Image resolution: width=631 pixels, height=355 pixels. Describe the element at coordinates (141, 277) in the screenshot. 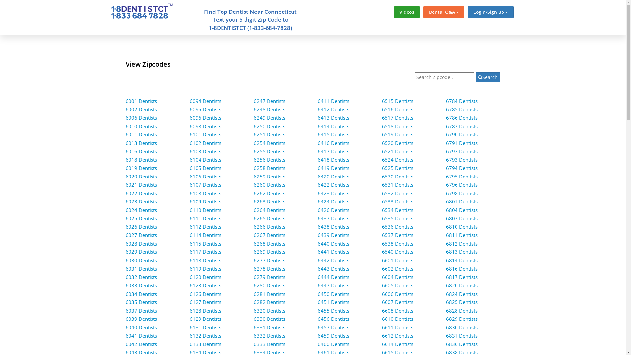

I see `'6032 Dentists'` at that location.